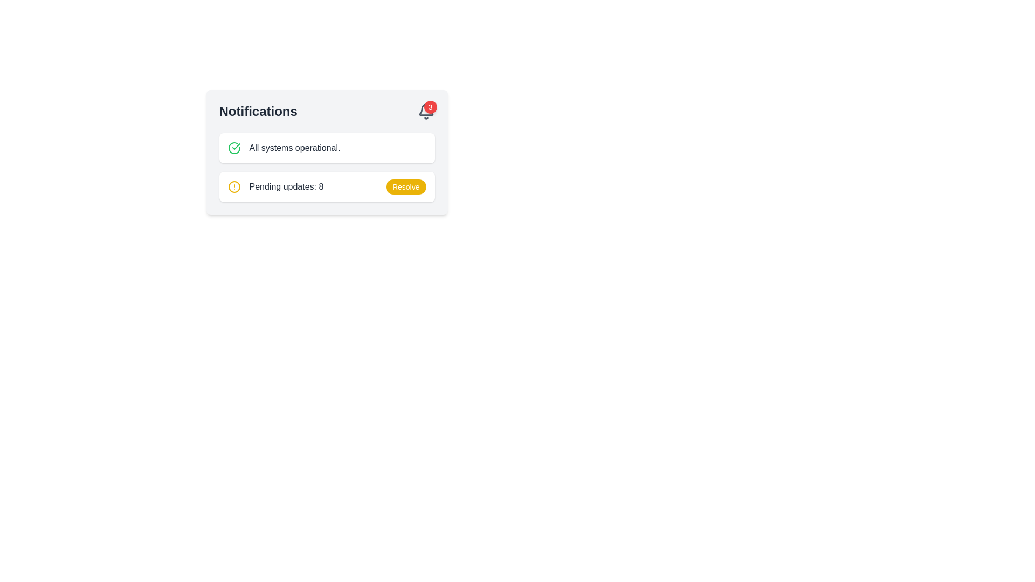  What do you see at coordinates (233, 186) in the screenshot?
I see `the circular icon that visually indicates pending updates, located to the left of the text 'Pending updates: 8' and adjacent to the yellow 'Resolve' button` at bounding box center [233, 186].